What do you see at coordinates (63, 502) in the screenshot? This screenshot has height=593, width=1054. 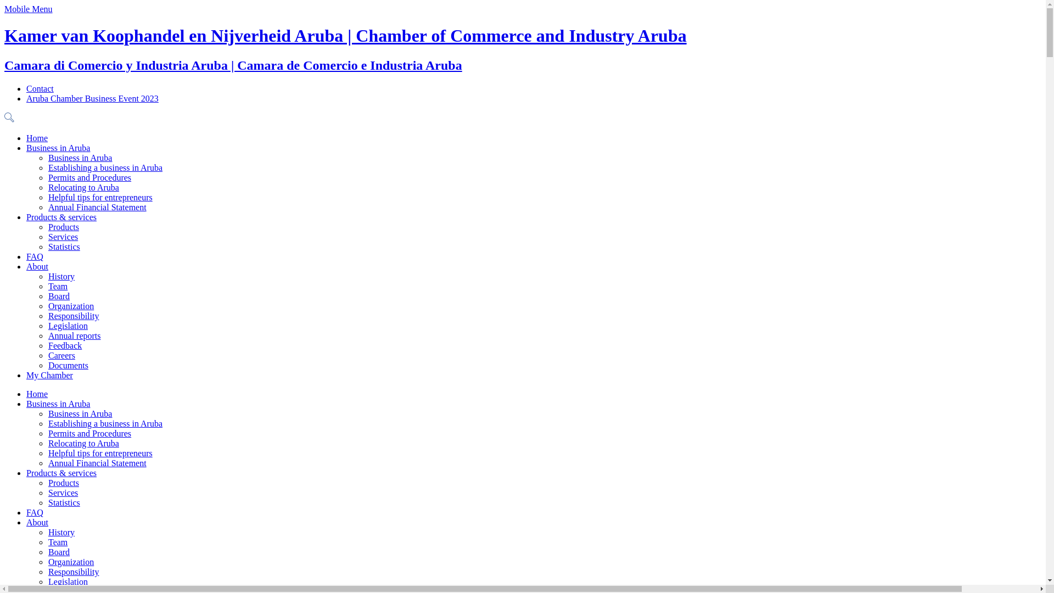 I see `'Statistics'` at bounding box center [63, 502].